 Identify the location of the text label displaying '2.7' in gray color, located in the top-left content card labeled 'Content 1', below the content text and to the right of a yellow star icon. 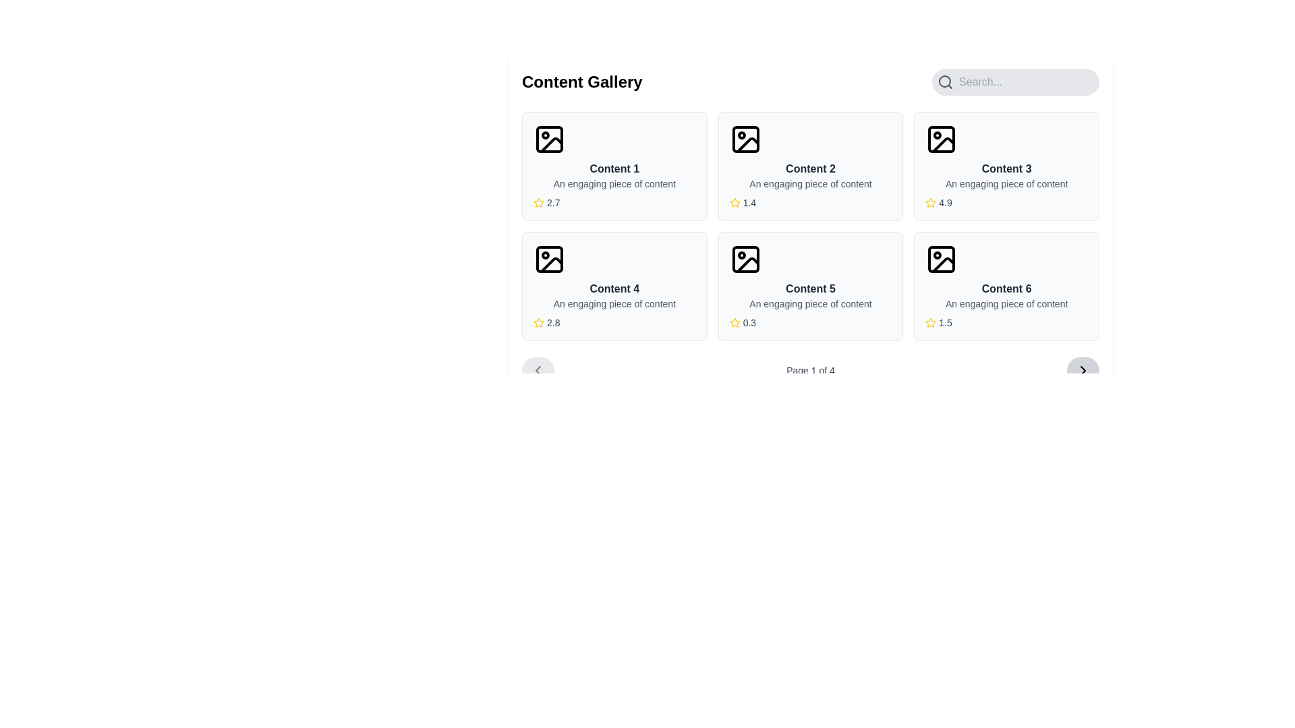
(553, 202).